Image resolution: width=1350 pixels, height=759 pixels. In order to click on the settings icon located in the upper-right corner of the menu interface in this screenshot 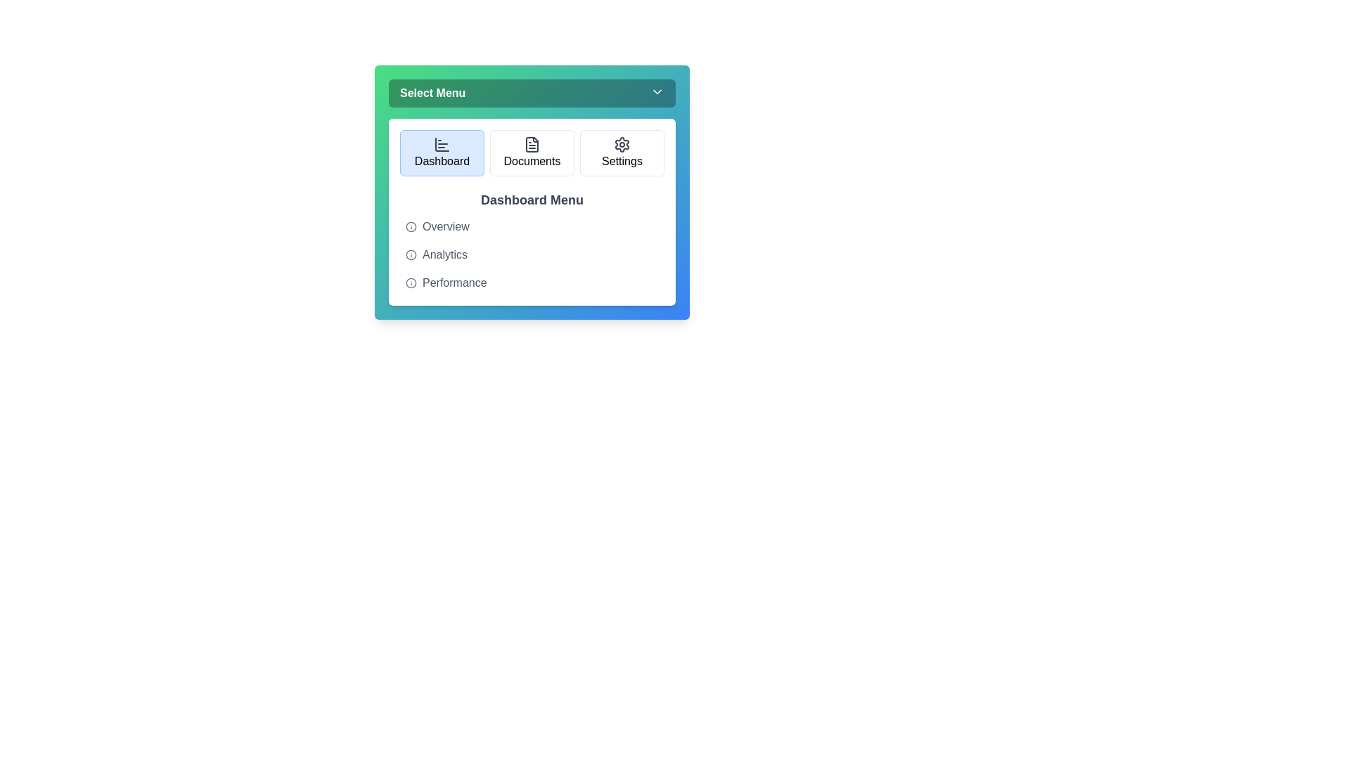, I will do `click(621, 144)`.